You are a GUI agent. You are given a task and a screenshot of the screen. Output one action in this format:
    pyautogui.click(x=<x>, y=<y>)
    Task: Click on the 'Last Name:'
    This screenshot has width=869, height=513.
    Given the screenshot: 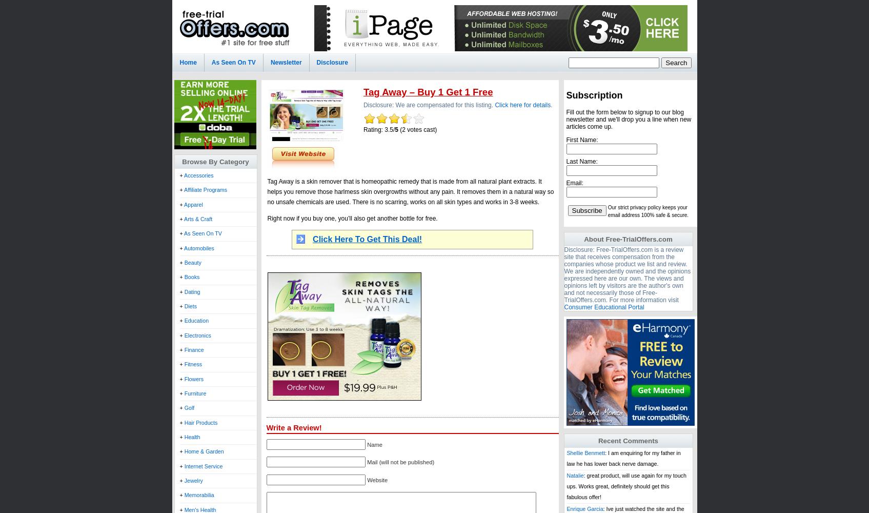 What is the action you would take?
    pyautogui.click(x=581, y=161)
    